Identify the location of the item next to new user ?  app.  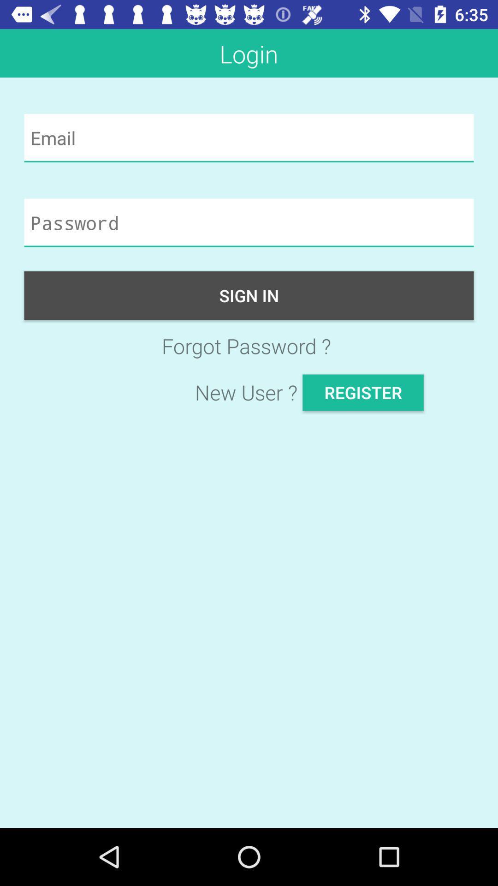
(362, 392).